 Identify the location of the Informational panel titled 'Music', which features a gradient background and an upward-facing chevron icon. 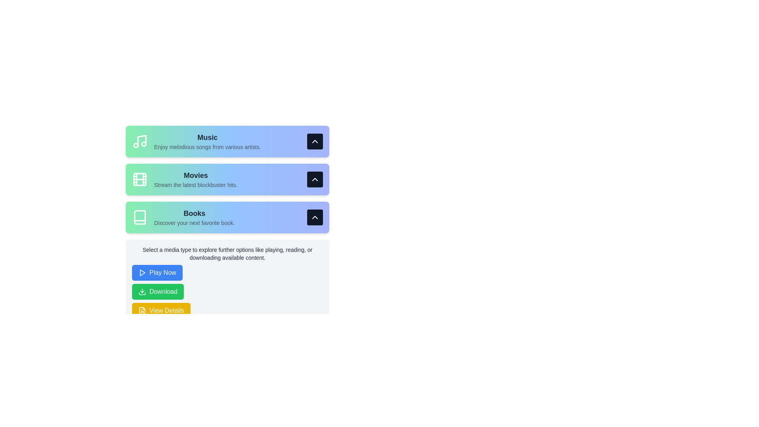
(227, 141).